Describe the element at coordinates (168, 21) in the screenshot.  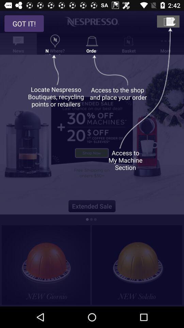
I see `machine section button` at that location.